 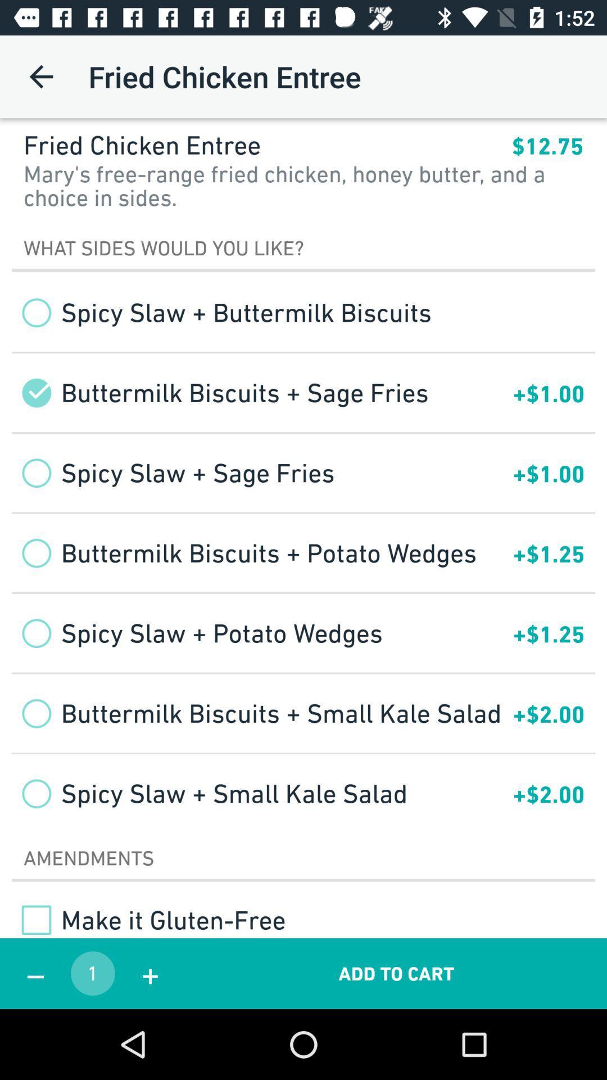 What do you see at coordinates (40, 76) in the screenshot?
I see `the item next to fried chicken entree icon` at bounding box center [40, 76].